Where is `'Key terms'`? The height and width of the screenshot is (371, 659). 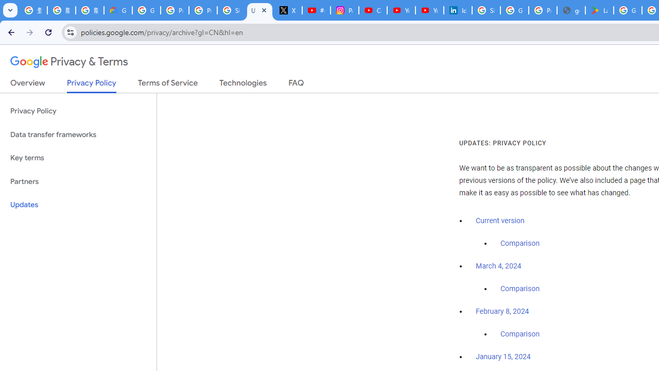 'Key terms' is located at coordinates (78, 158).